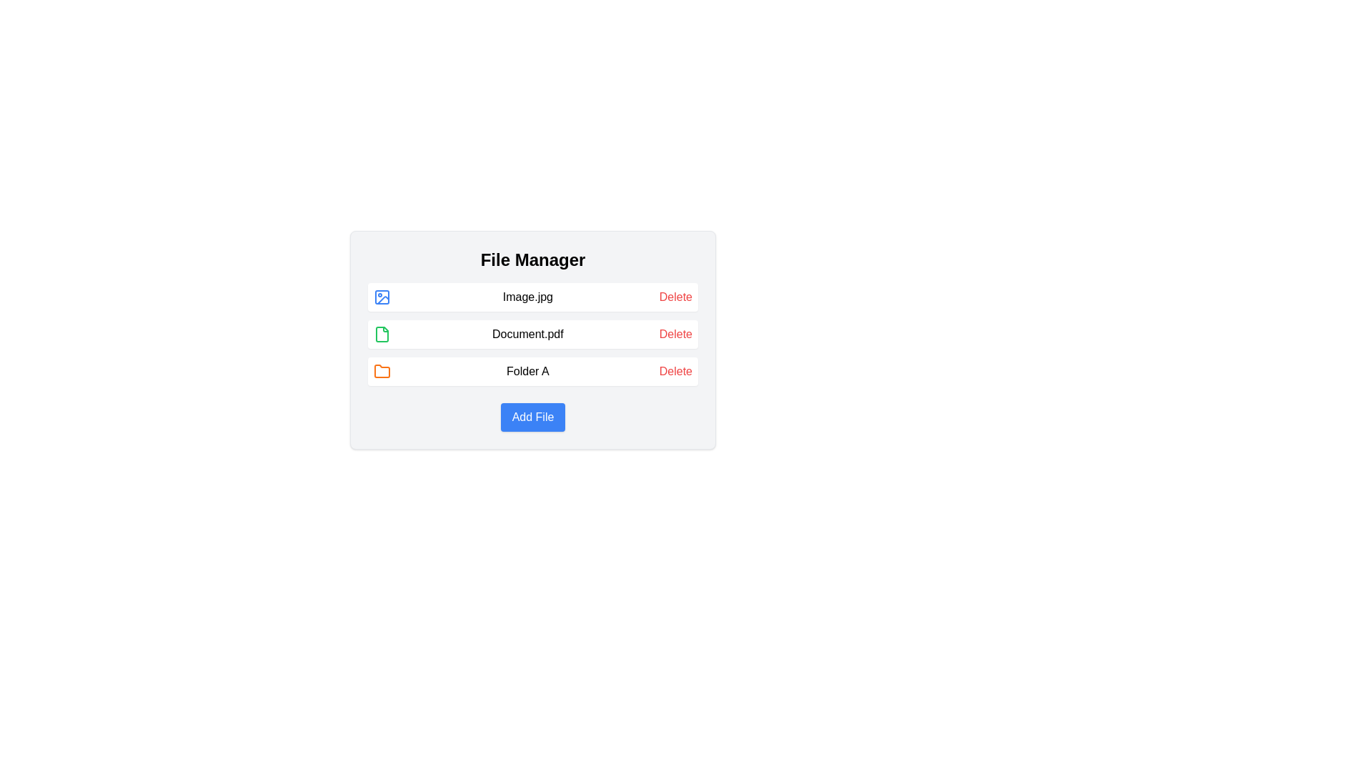 This screenshot has width=1372, height=772. Describe the element at coordinates (527, 371) in the screenshot. I see `the static text label displaying 'Folder A', which is located in the third row of the file manager interface, between an orange folder icon and a red 'Delete' link` at that location.